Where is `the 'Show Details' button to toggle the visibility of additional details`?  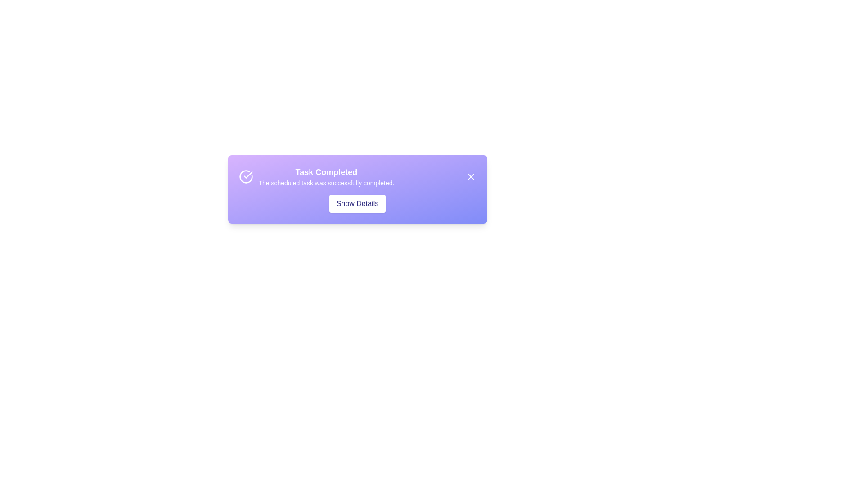 the 'Show Details' button to toggle the visibility of additional details is located at coordinates (357, 203).